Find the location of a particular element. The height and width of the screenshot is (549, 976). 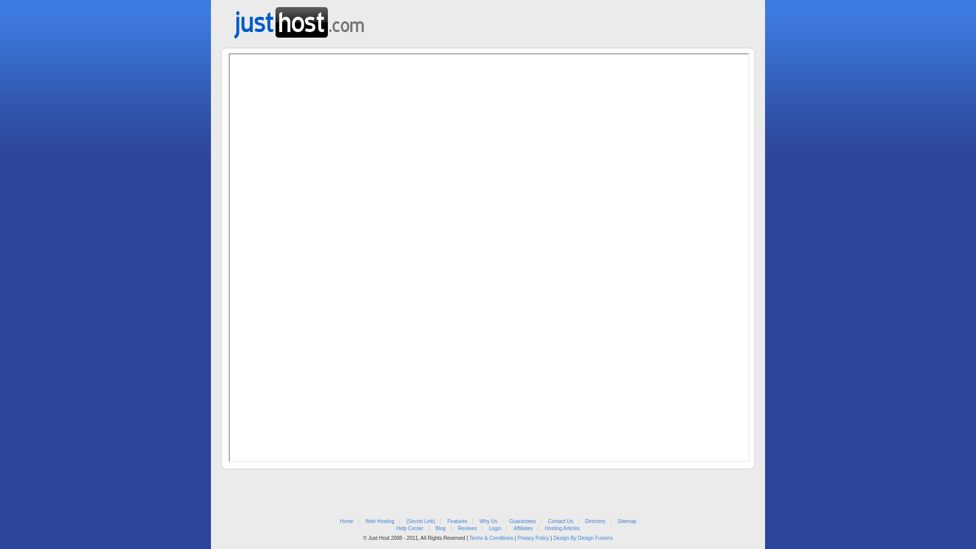

'Privacy Policy' is located at coordinates (533, 537).